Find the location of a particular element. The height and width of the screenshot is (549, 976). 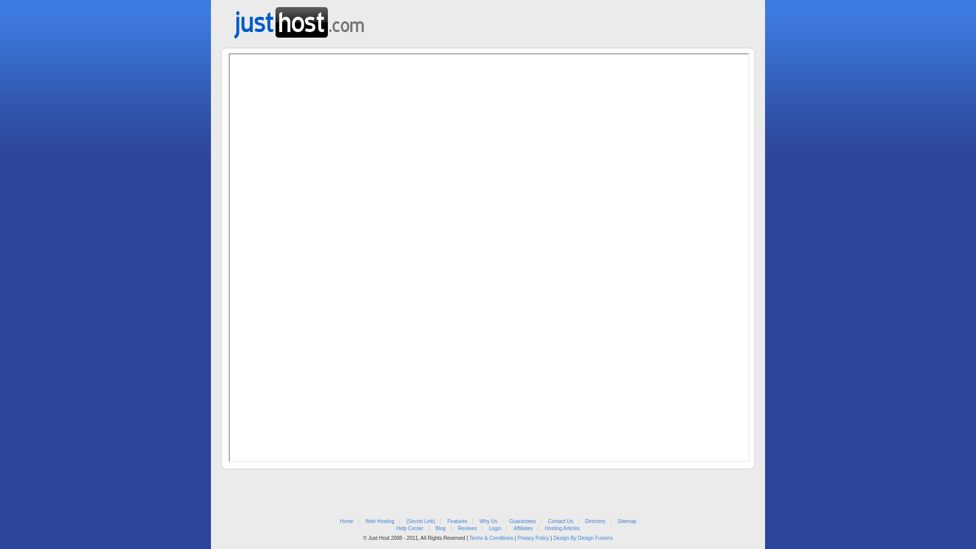

'Privacy Policy' is located at coordinates (533, 537).